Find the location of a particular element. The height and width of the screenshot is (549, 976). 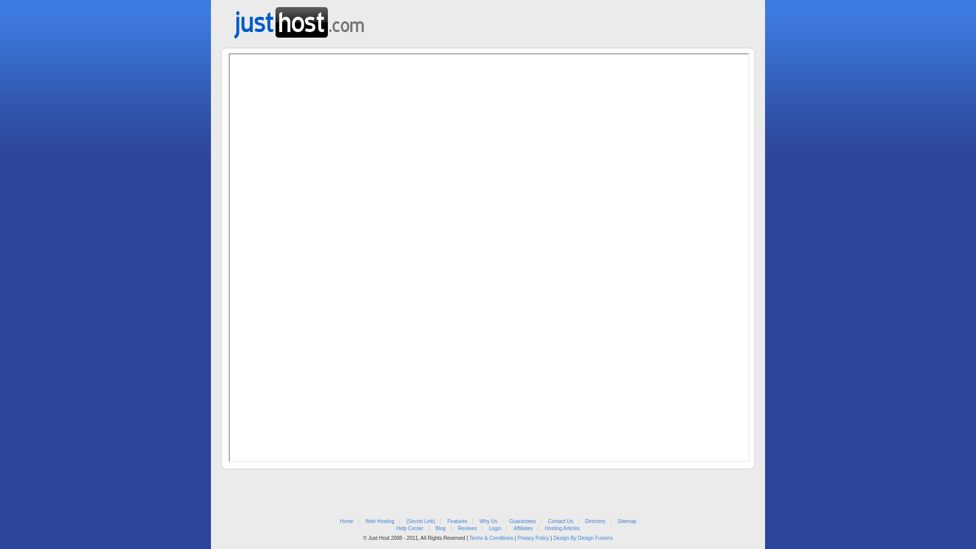

'Privacy Policy' is located at coordinates (533, 537).